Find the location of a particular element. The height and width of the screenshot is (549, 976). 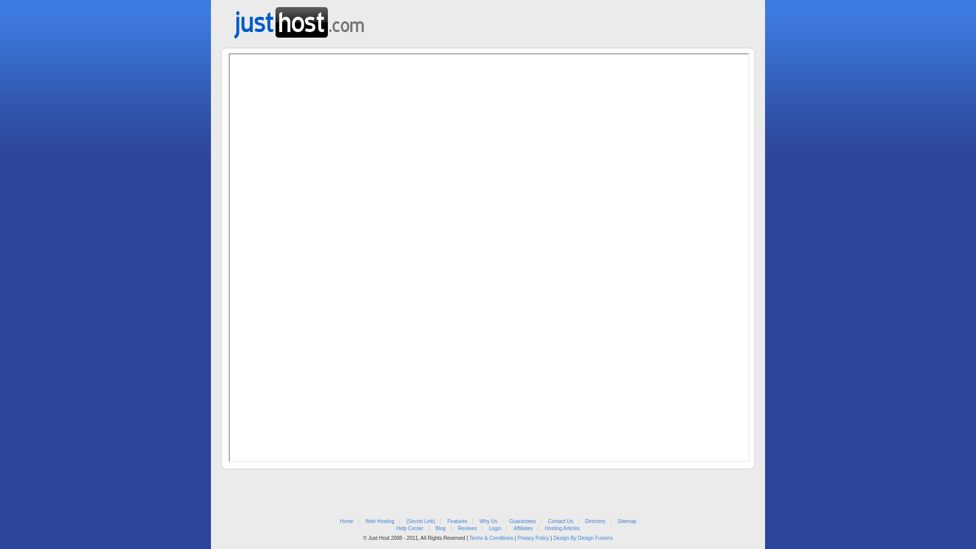

'Privacy Policy' is located at coordinates (533, 537).